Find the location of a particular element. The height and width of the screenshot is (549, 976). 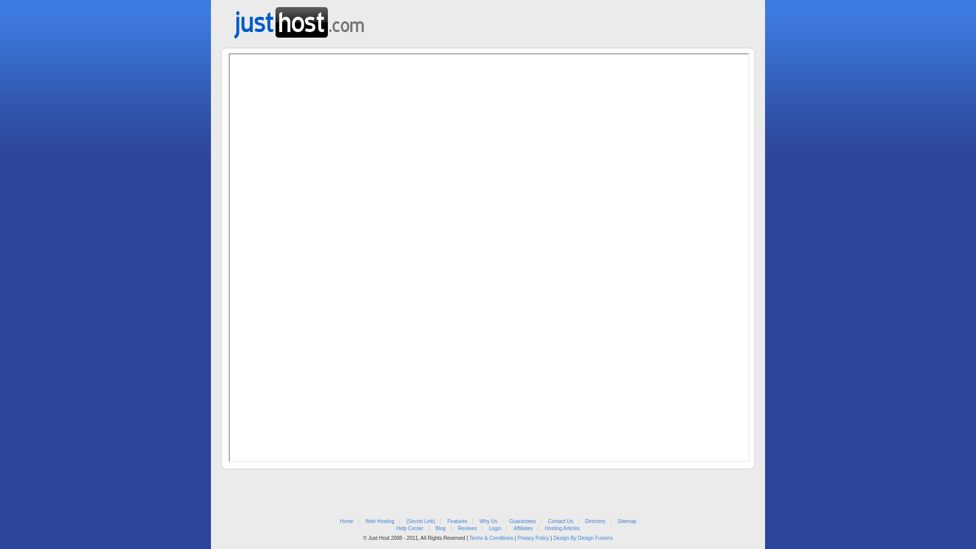

'Privacy Policy' is located at coordinates (533, 537).